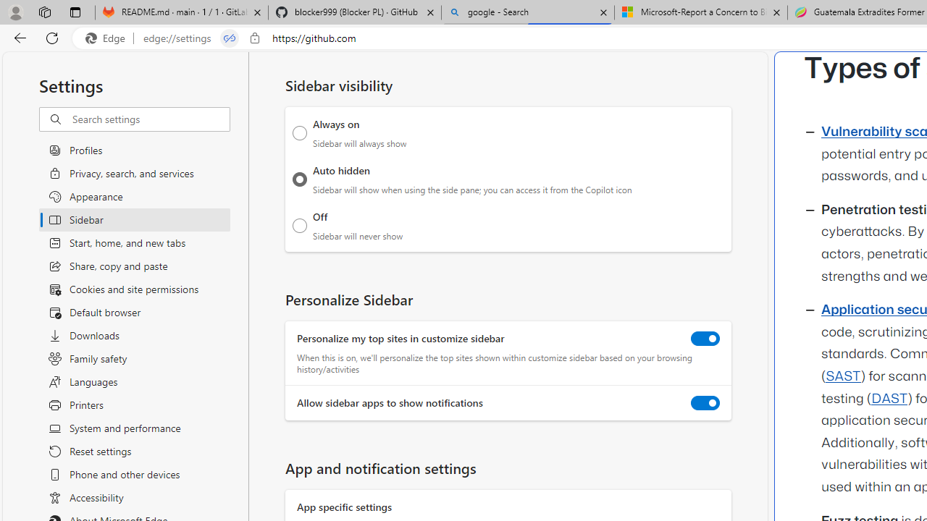 This screenshot has height=521, width=927. I want to click on 'Allow sidebar apps to show notifications', so click(705, 403).